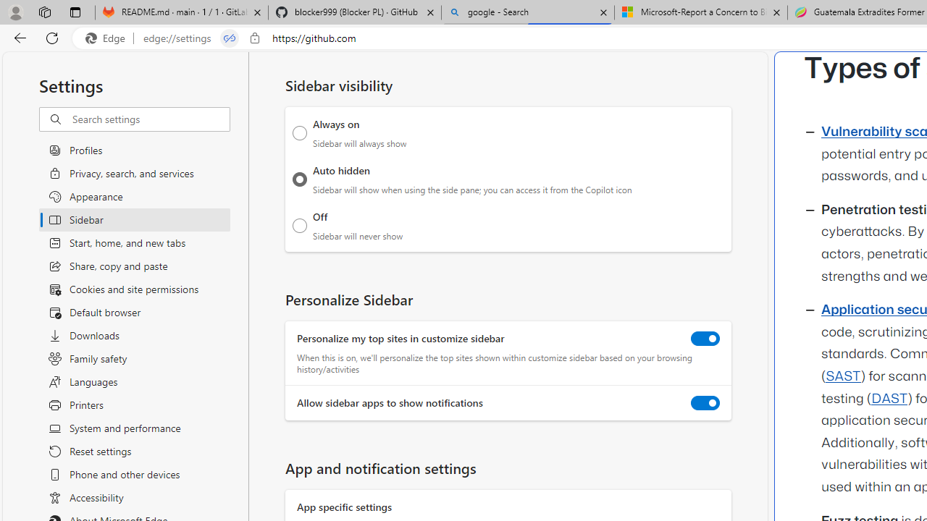 This screenshot has height=521, width=927. I want to click on 'Allow sidebar apps to show notifications', so click(705, 403).